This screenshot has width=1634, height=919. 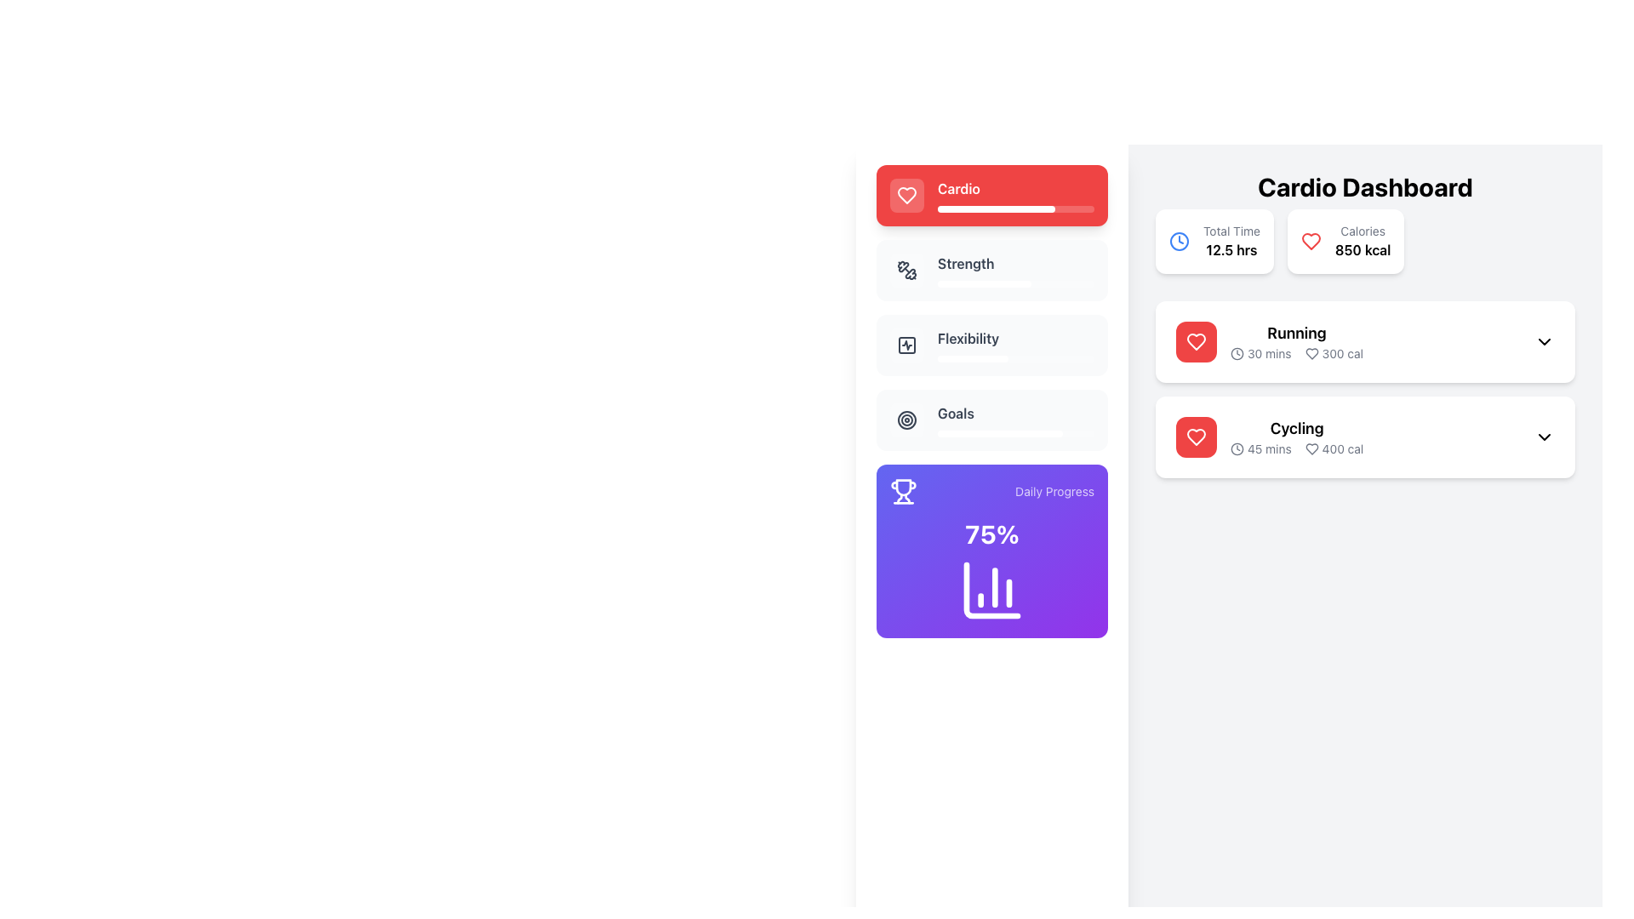 What do you see at coordinates (1196, 436) in the screenshot?
I see `the 'Cardio' category icon, which is represented by a heart icon located at the top of a red rectangular button labeled 'Cardio' in the left sidebar` at bounding box center [1196, 436].